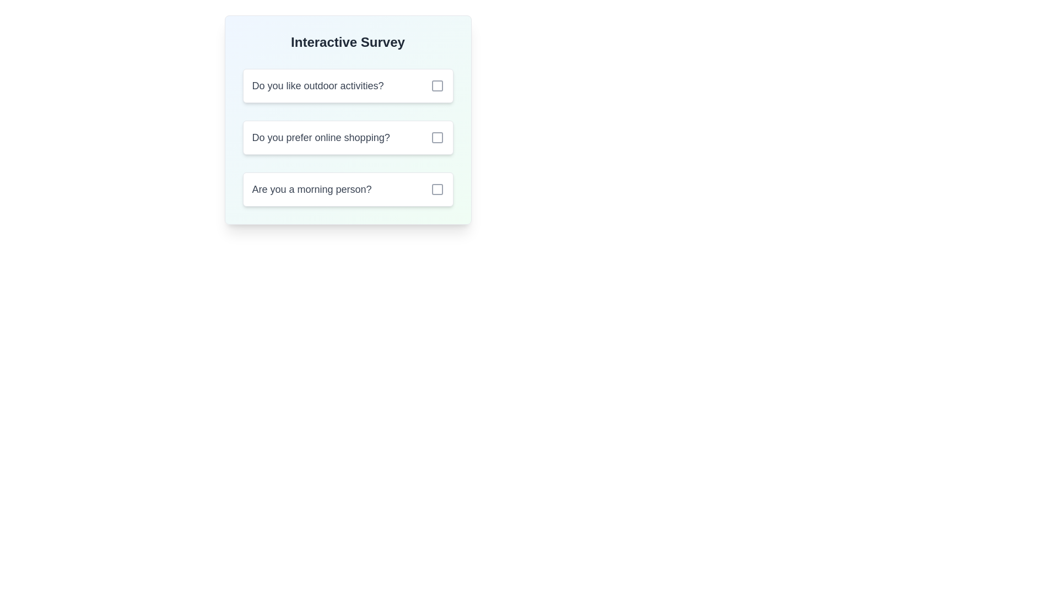  What do you see at coordinates (436, 188) in the screenshot?
I see `the small square inside the checkbox for the last survey question, 'Are you a morning person?'` at bounding box center [436, 188].